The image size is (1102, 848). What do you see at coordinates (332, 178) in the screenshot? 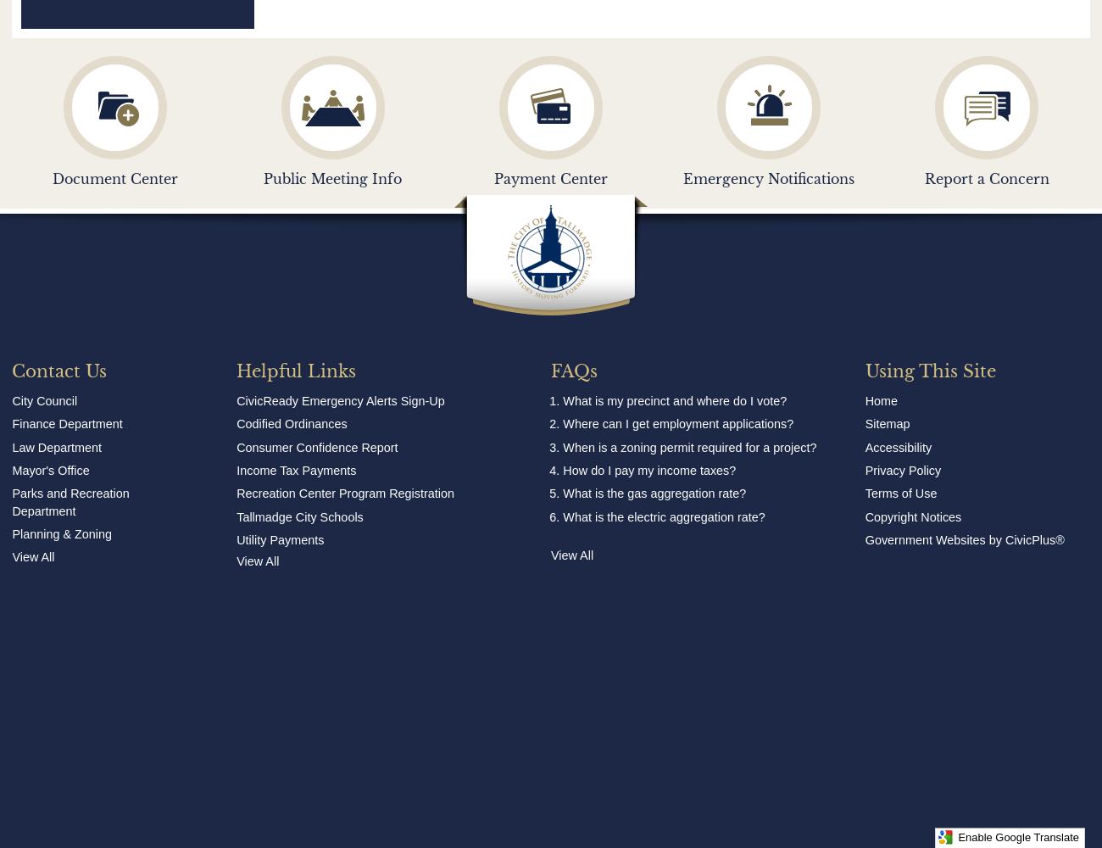
I see `'Public Meeting Info'` at bounding box center [332, 178].